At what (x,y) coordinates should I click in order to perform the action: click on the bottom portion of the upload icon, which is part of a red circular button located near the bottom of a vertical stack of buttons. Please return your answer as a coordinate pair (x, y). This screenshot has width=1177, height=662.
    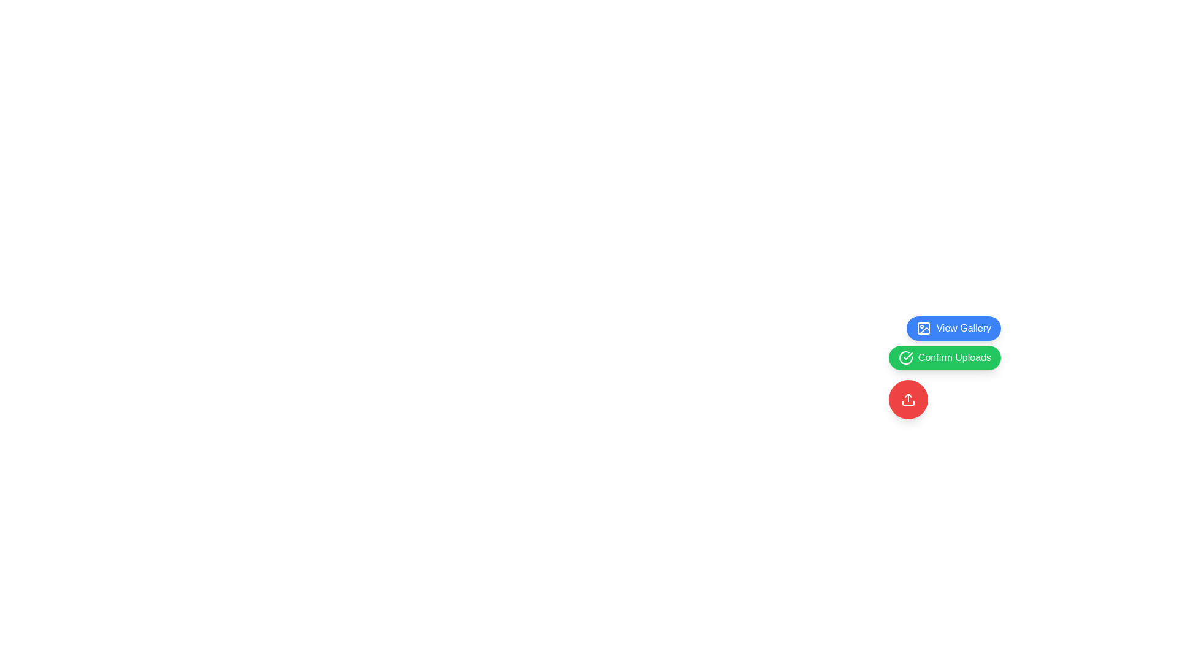
    Looking at the image, I should click on (908, 403).